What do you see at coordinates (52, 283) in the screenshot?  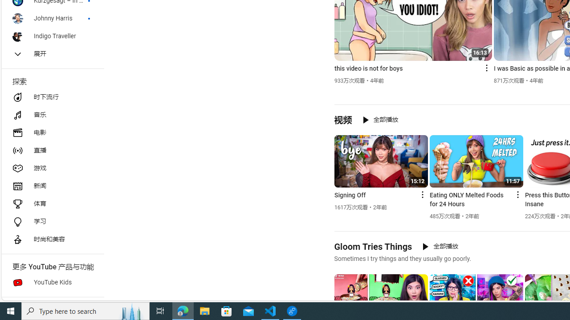 I see `'YouTube Kids'` at bounding box center [52, 283].